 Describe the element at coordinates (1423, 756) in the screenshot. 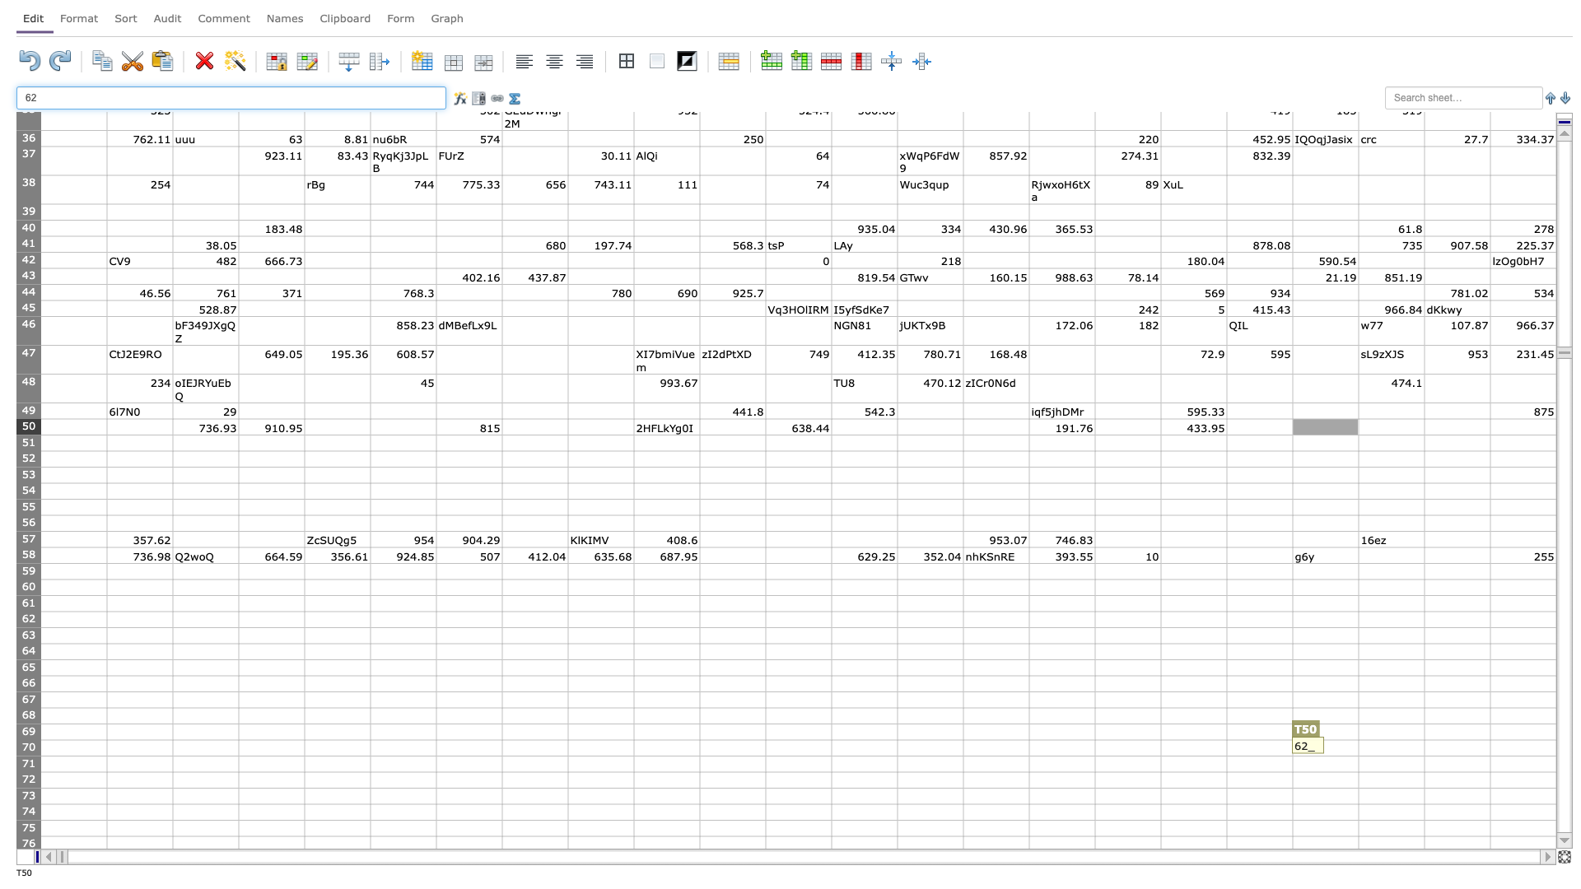

I see `Series fill point of cell U70` at that location.